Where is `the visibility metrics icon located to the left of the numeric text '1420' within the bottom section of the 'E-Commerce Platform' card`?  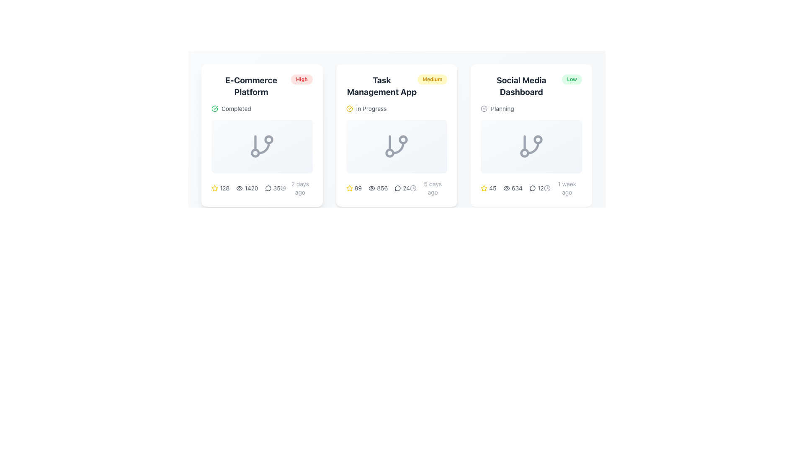
the visibility metrics icon located to the left of the numeric text '1420' within the bottom section of the 'E-Commerce Platform' card is located at coordinates (239, 188).